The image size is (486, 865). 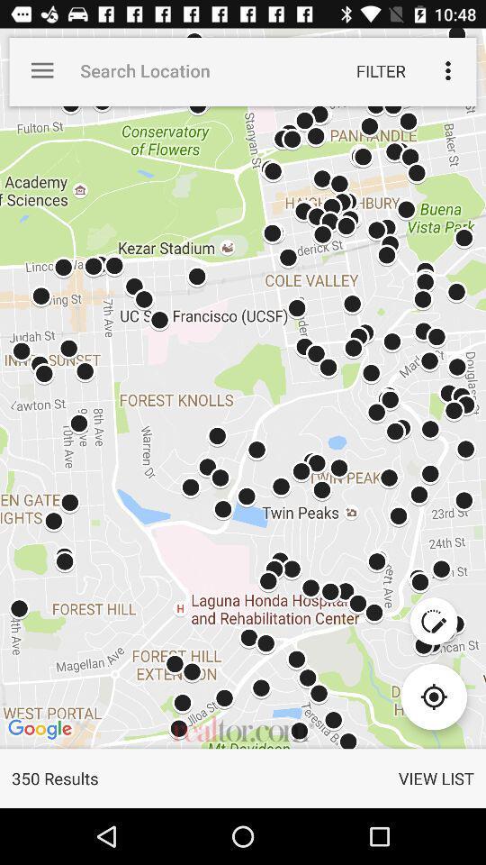 I want to click on filter app, so click(x=380, y=70).